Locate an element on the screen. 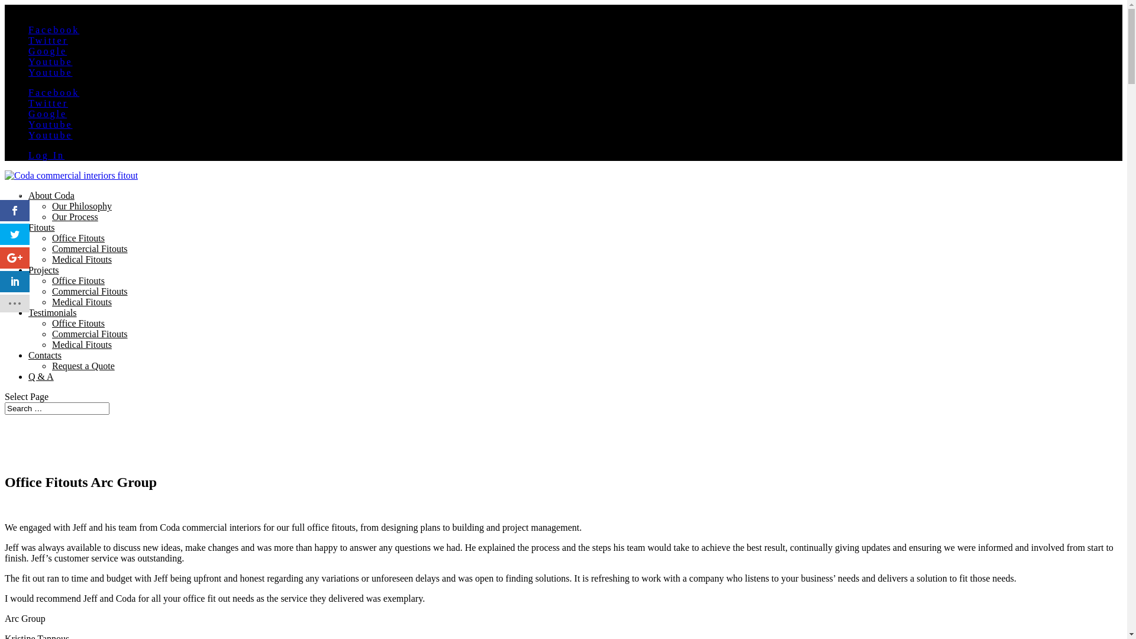 The image size is (1136, 639). 'Log In' is located at coordinates (28, 154).